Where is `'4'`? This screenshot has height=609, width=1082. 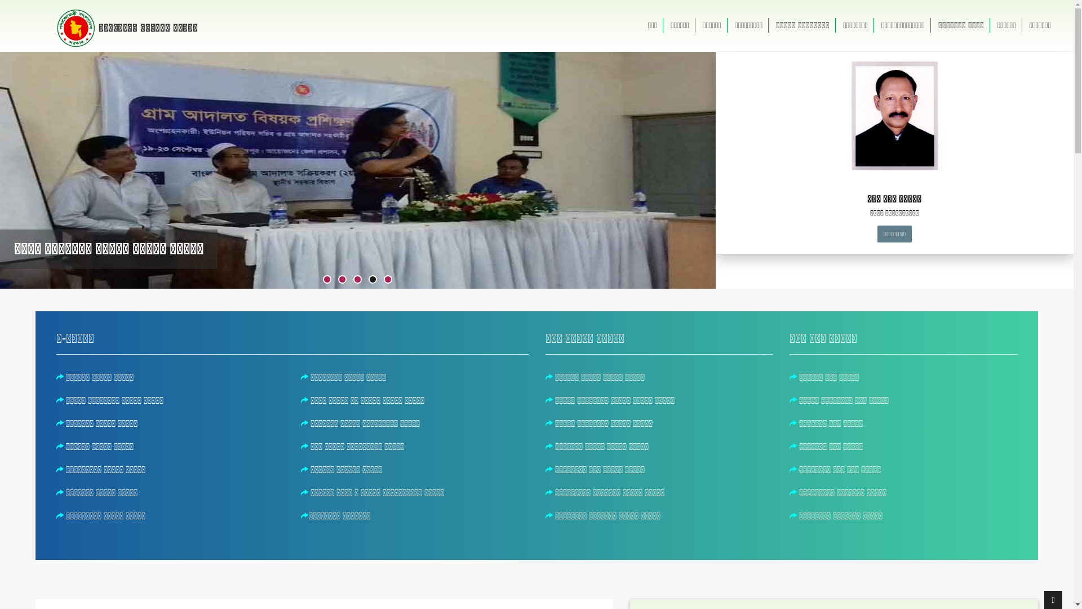
'4' is located at coordinates (373, 279).